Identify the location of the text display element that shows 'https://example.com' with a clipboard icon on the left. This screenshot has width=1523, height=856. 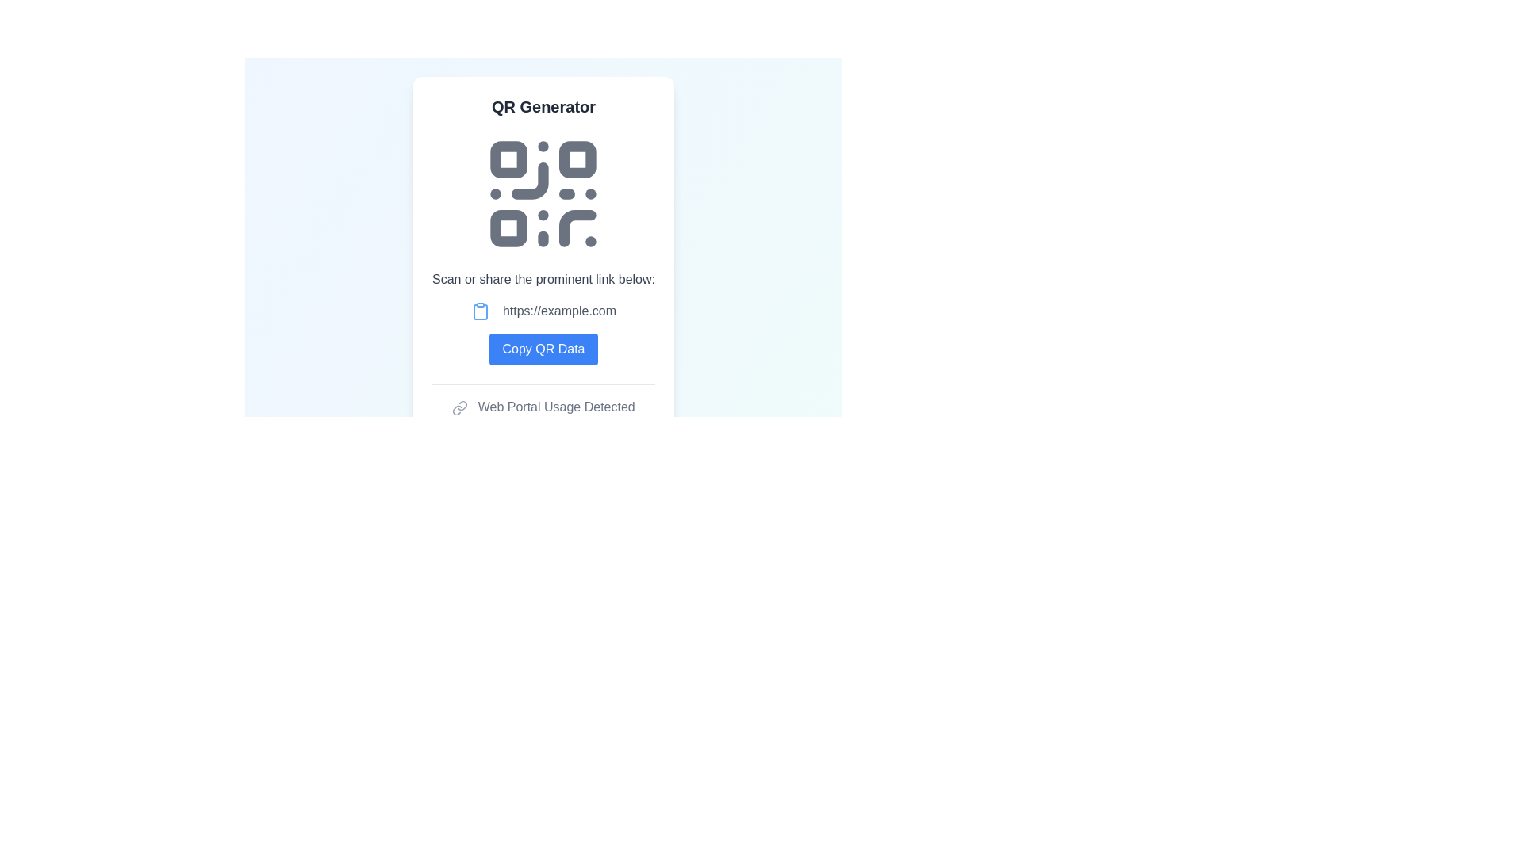
(543, 311).